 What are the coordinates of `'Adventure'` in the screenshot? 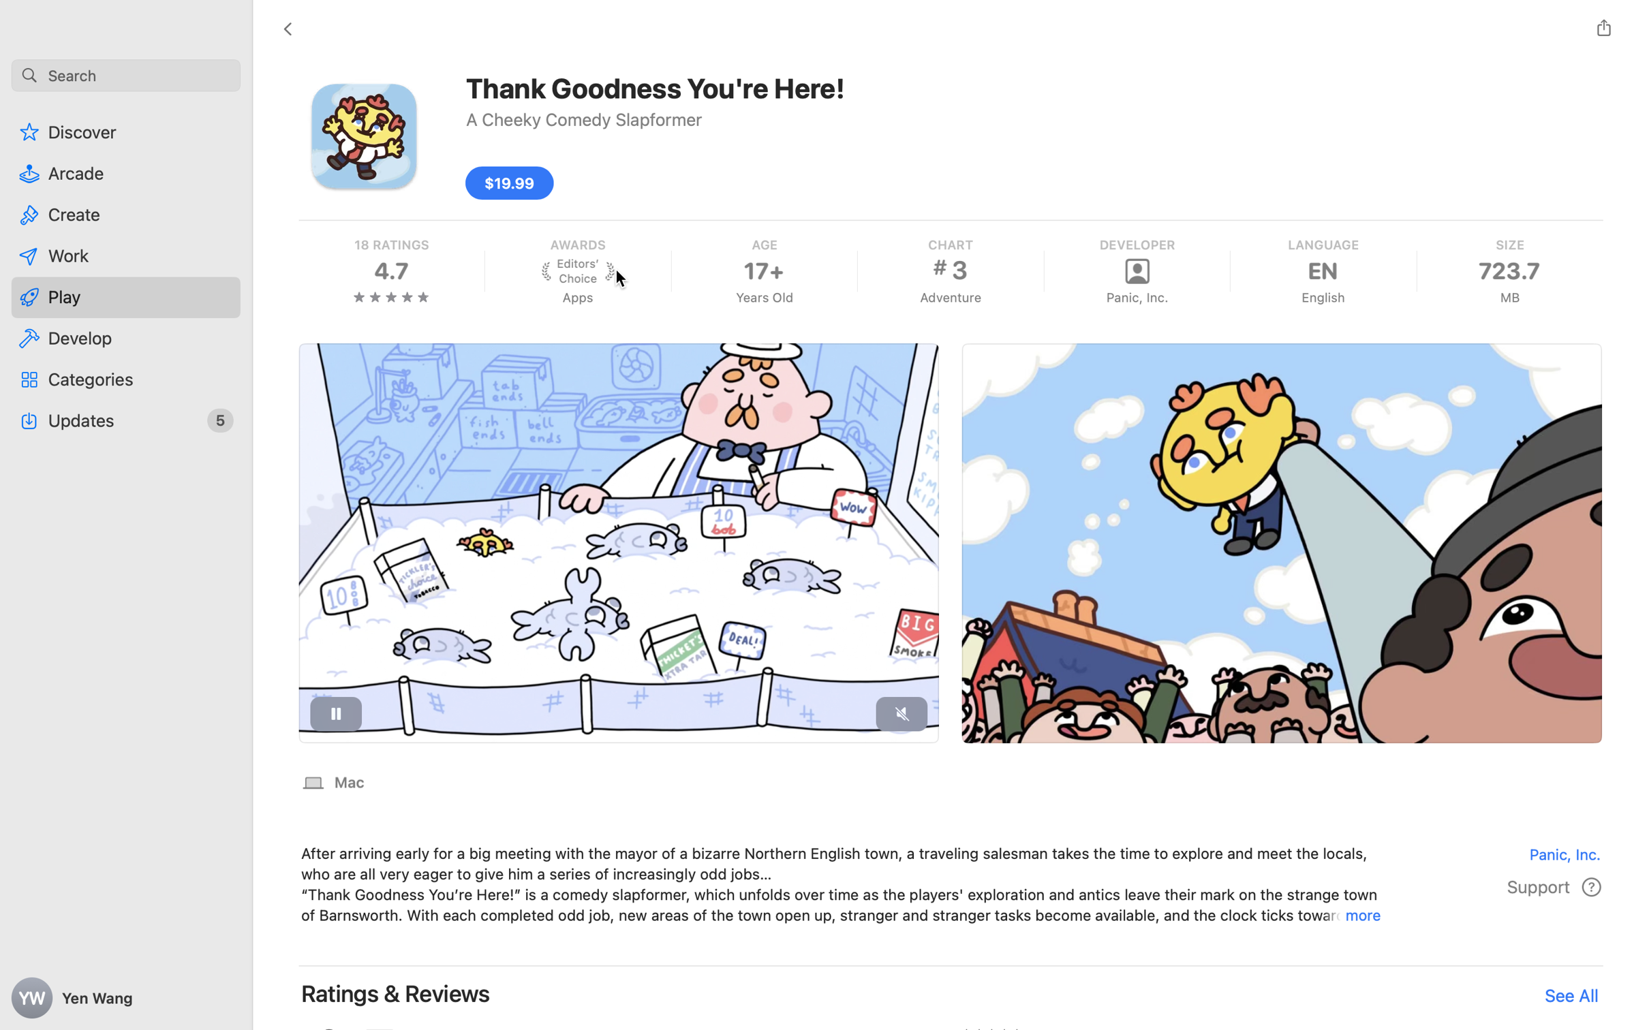 It's located at (951, 297).